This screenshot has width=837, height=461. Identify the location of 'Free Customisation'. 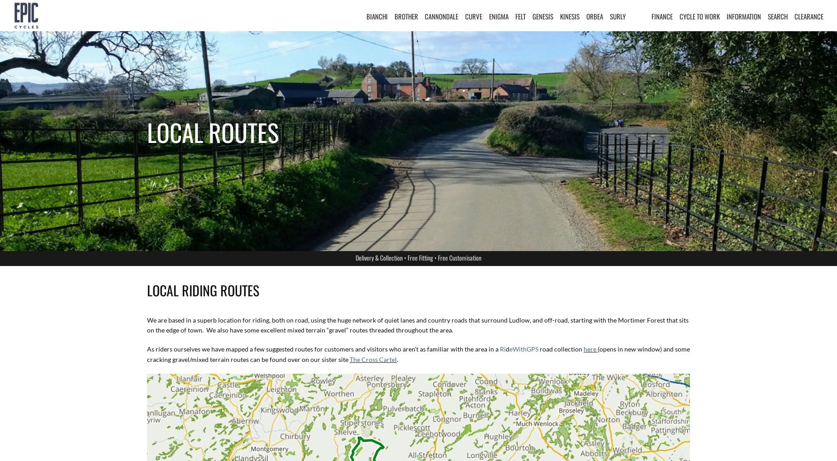
(459, 257).